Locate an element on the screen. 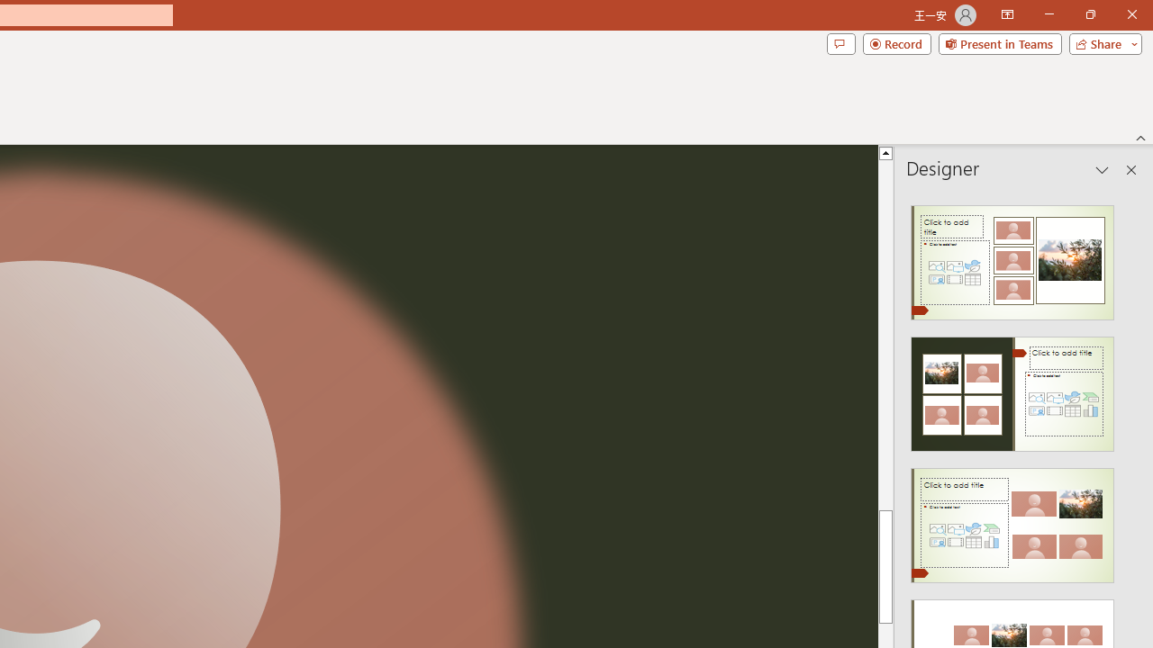 The width and height of the screenshot is (1153, 648). 'Record' is located at coordinates (896, 42).